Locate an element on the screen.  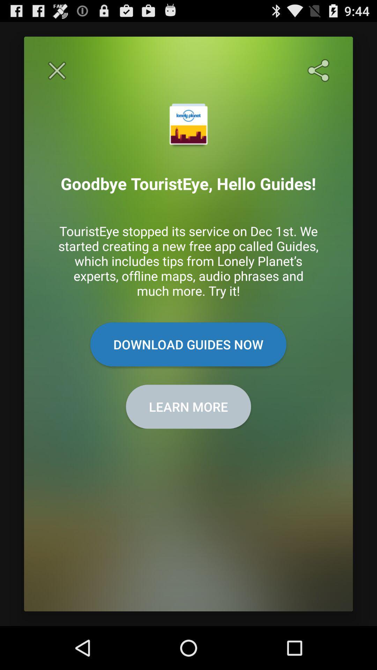
the item below the touristeye stopped its is located at coordinates (188, 344).